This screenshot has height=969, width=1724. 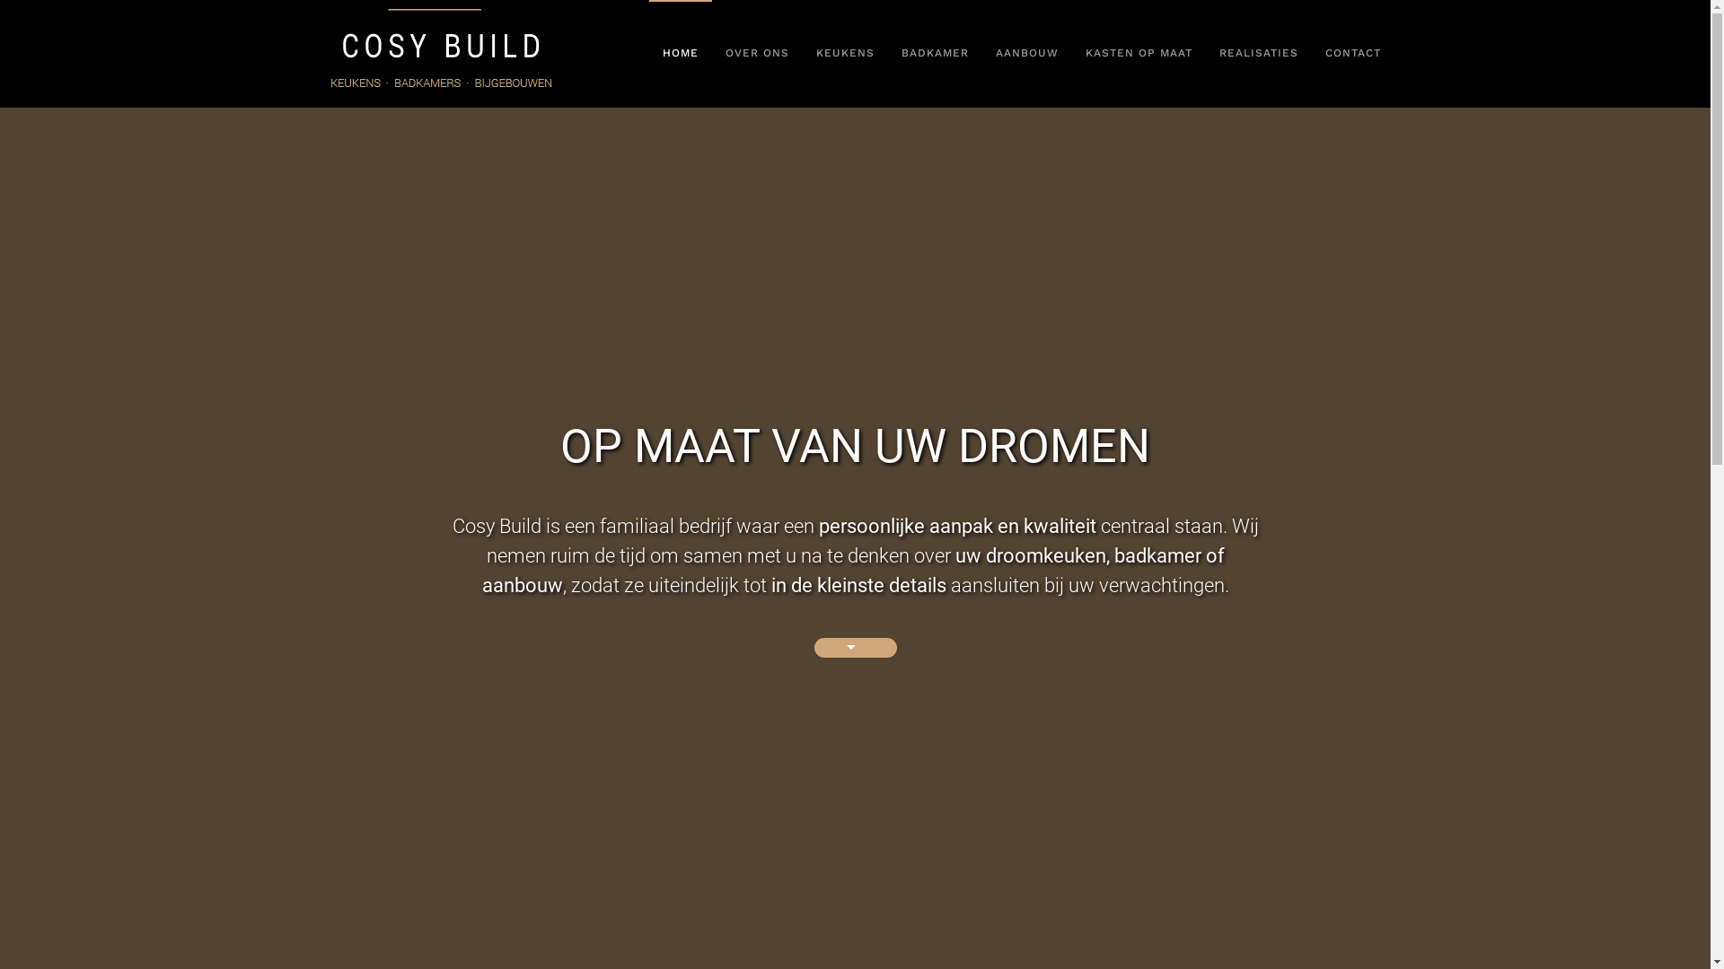 I want to click on 'HOME', so click(x=679, y=53).